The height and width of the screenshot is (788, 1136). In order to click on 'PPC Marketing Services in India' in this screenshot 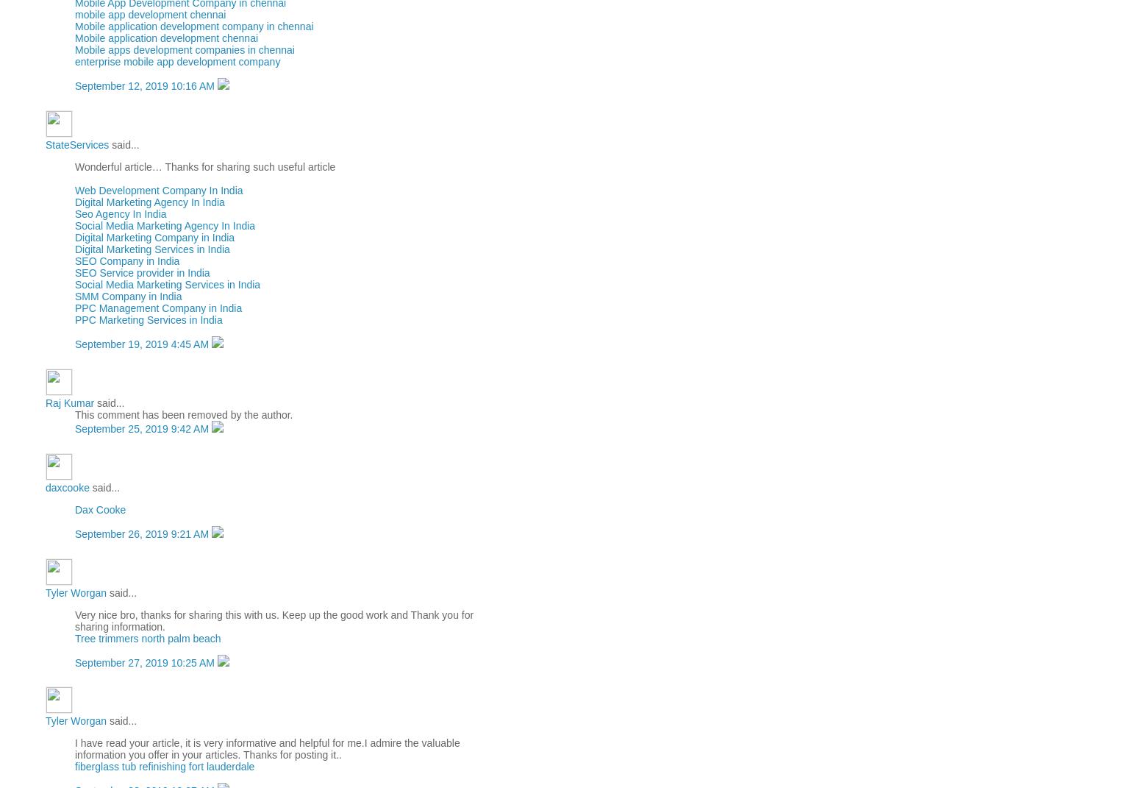, I will do `click(148, 320)`.